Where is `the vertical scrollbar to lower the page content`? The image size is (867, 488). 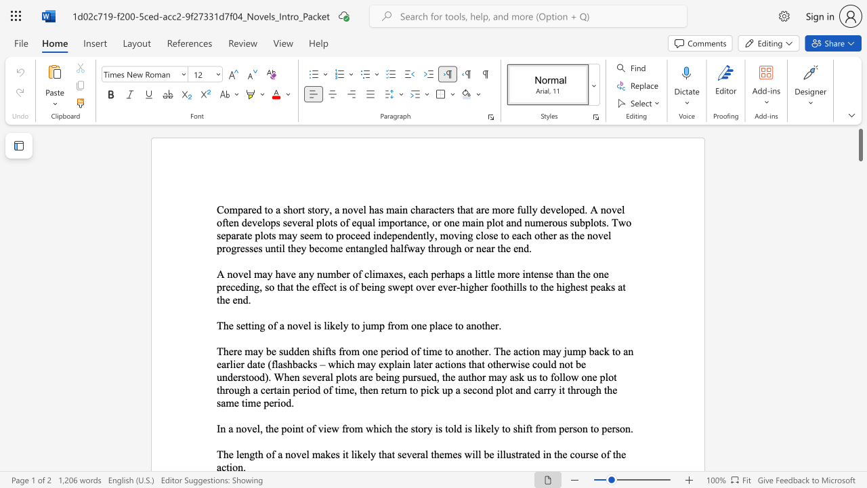
the vertical scrollbar to lower the page content is located at coordinates (860, 405).